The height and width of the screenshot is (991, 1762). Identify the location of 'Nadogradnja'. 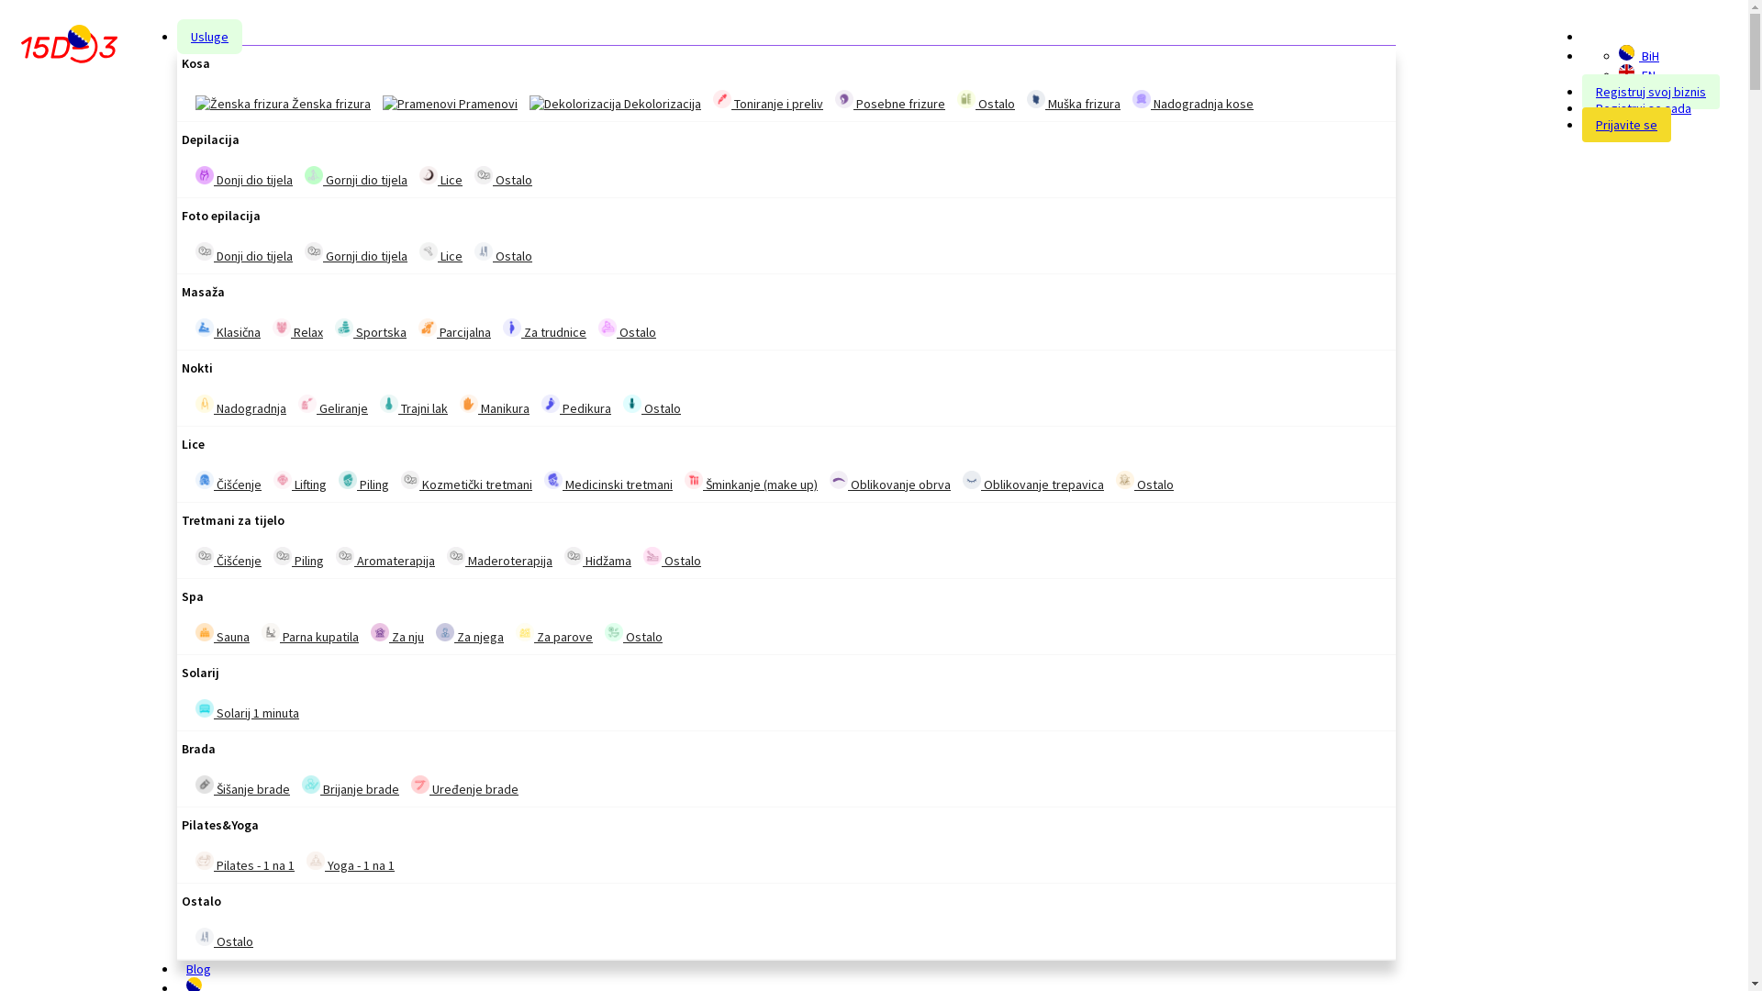
(204, 402).